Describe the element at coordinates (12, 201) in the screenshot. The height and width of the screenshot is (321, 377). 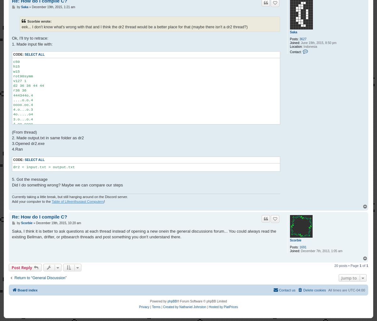
I see `'Add your computer to the'` at that location.